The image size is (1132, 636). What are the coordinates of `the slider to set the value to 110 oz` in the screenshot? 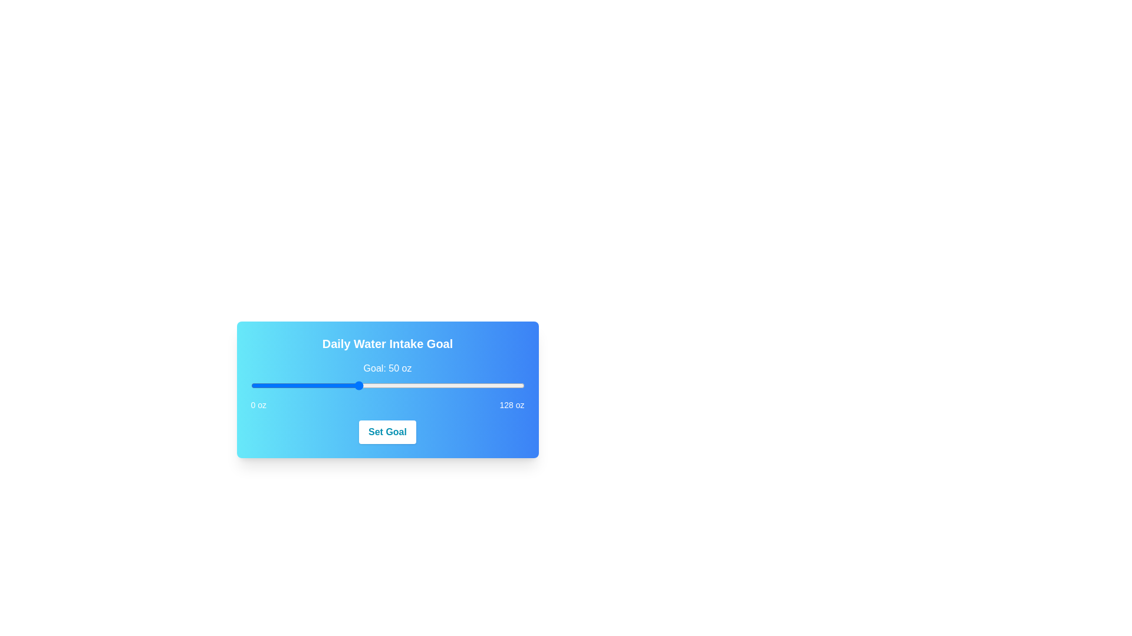 It's located at (486, 386).